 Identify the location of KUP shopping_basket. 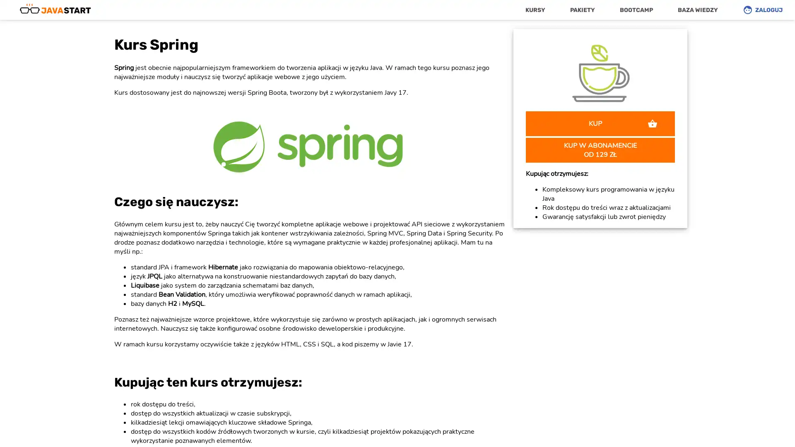
(600, 123).